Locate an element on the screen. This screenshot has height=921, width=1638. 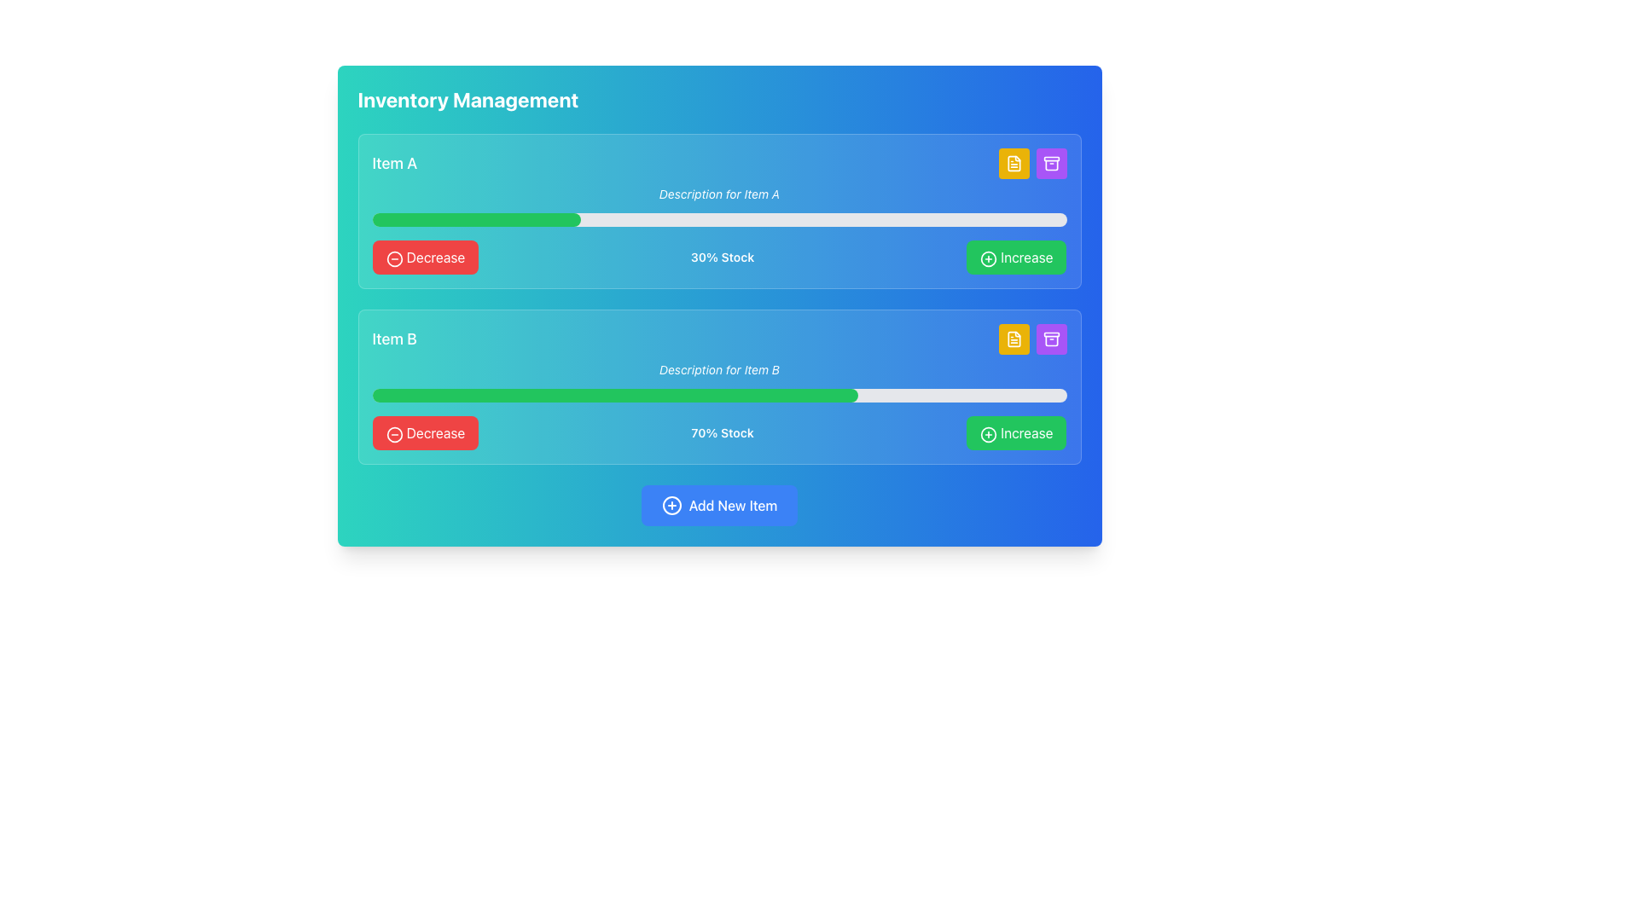
the 'Edit' or 'View Details' button located in the 'Item B' section, which is the first button in the group aligned to the right, near the item description is located at coordinates (1031, 339).